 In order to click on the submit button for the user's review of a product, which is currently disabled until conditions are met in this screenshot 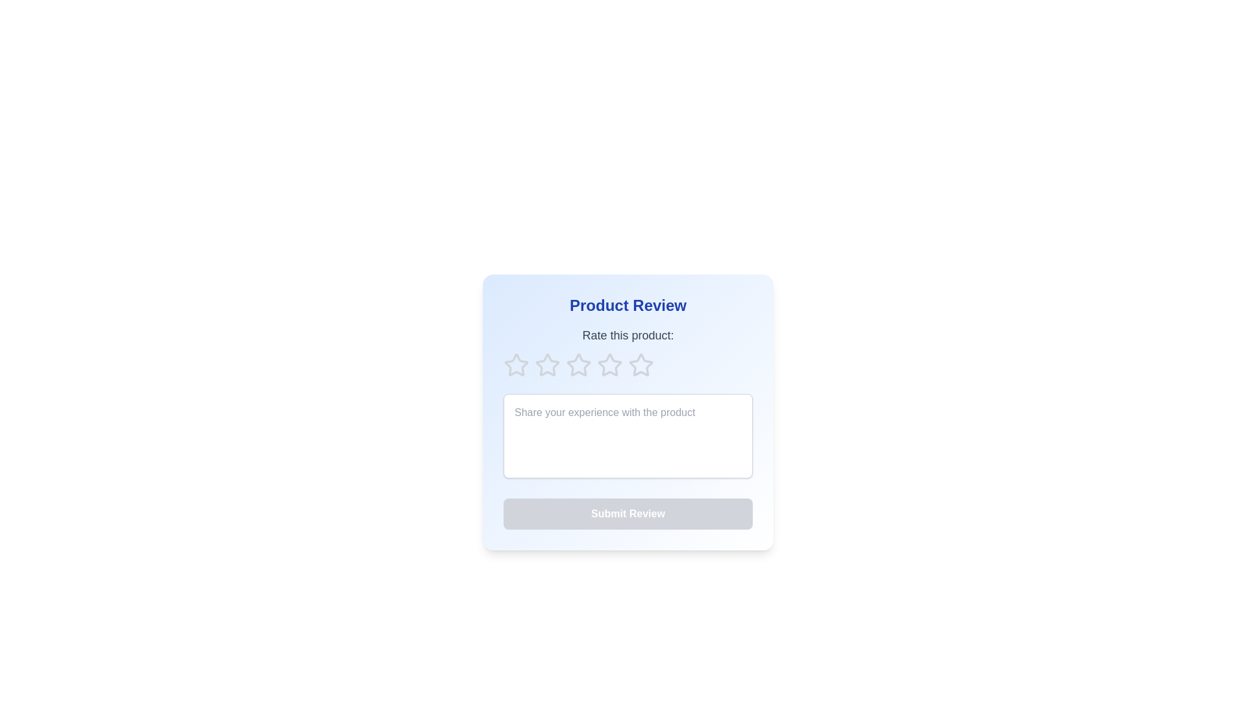, I will do `click(628, 513)`.